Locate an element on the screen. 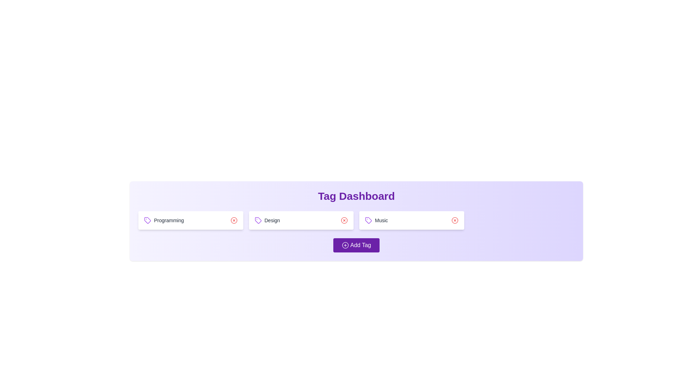  the small, purple tag-shaped icon with a circular cutout, located in the leftmost card of the 'Programming' card group, preceding the text 'Programming.' is located at coordinates (147, 220).